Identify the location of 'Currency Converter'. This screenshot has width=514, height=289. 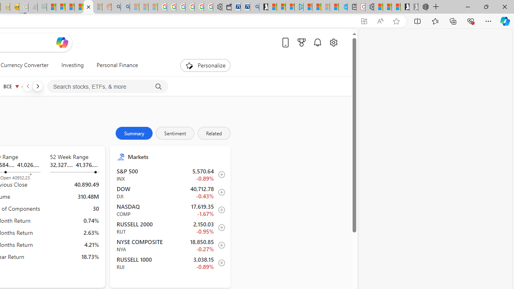
(24, 65).